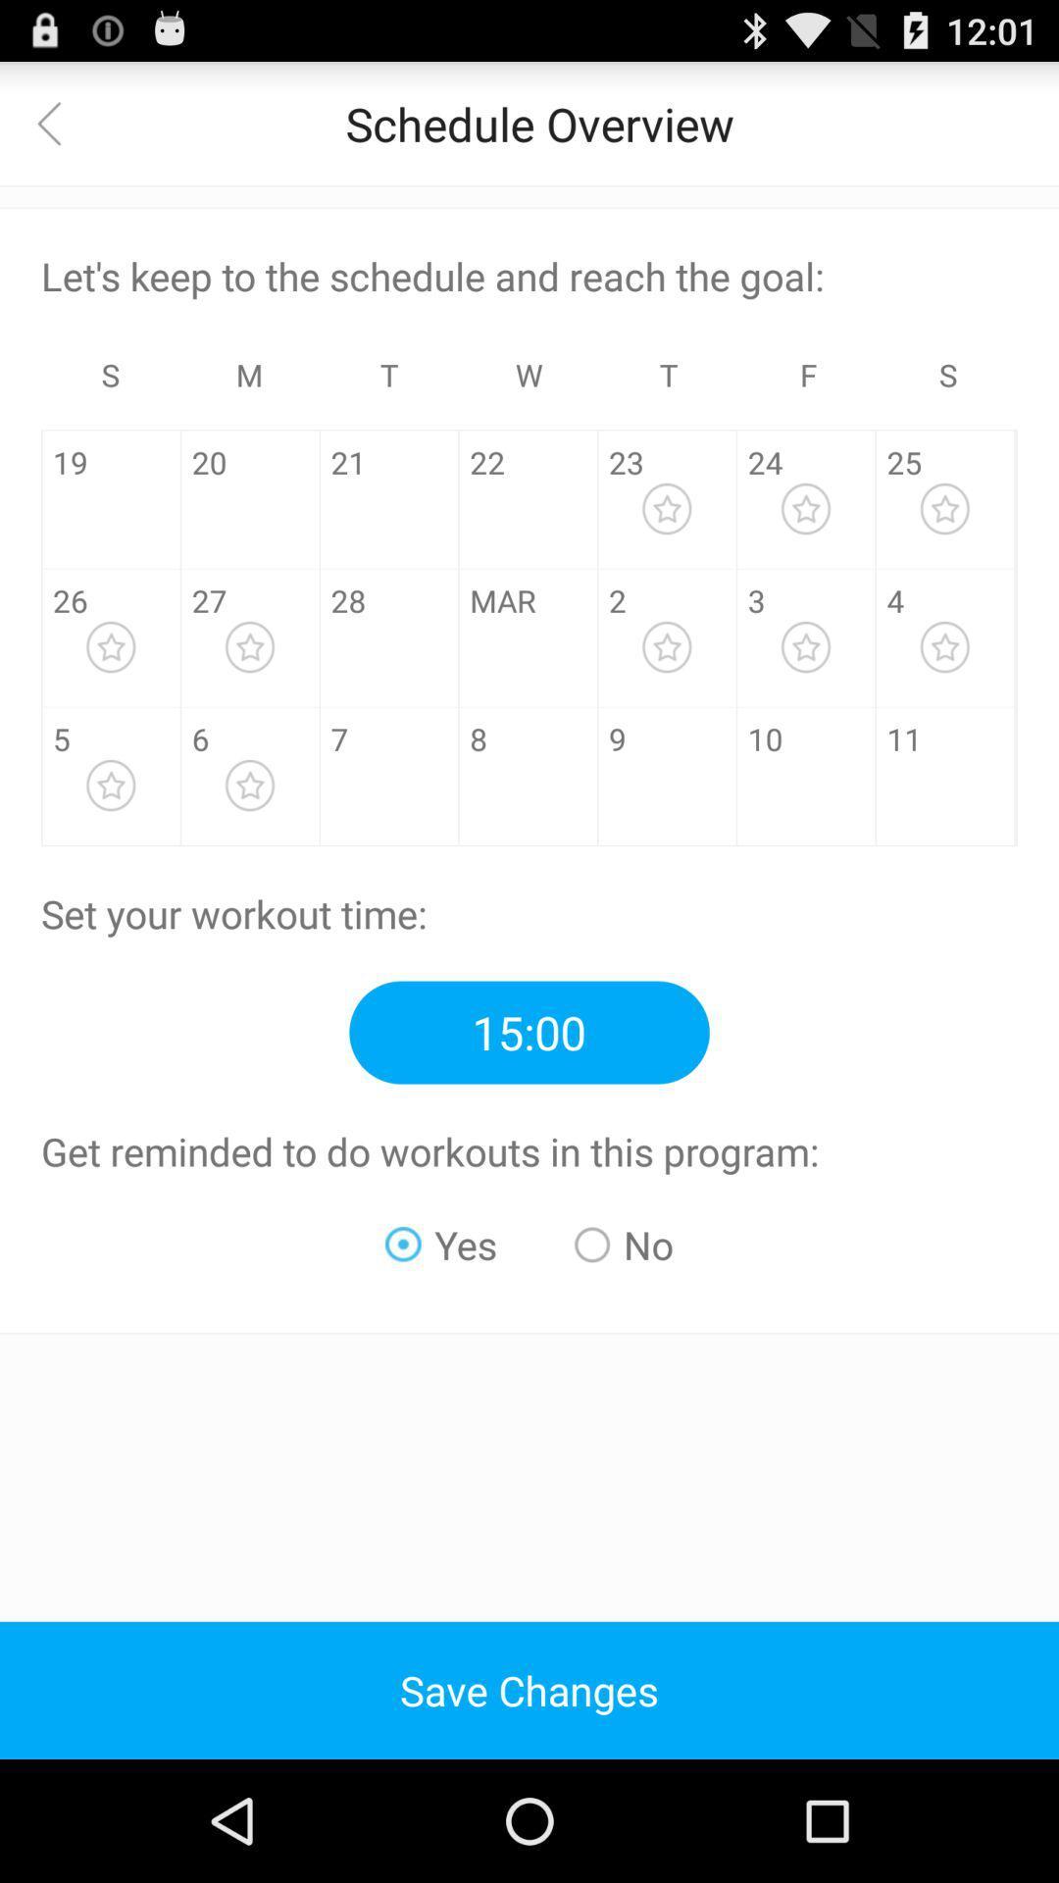  What do you see at coordinates (666, 647) in the screenshot?
I see `the star option to the right of the digit 2` at bounding box center [666, 647].